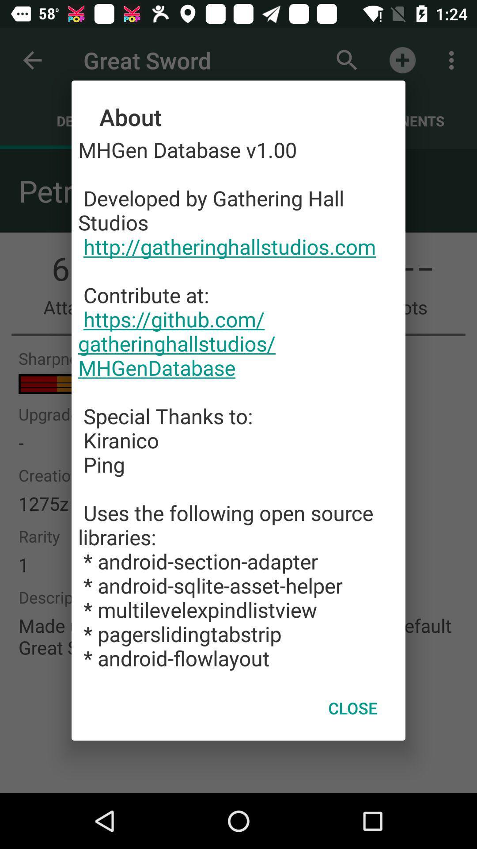 Image resolution: width=477 pixels, height=849 pixels. Describe the element at coordinates (238, 403) in the screenshot. I see `item at the center` at that location.